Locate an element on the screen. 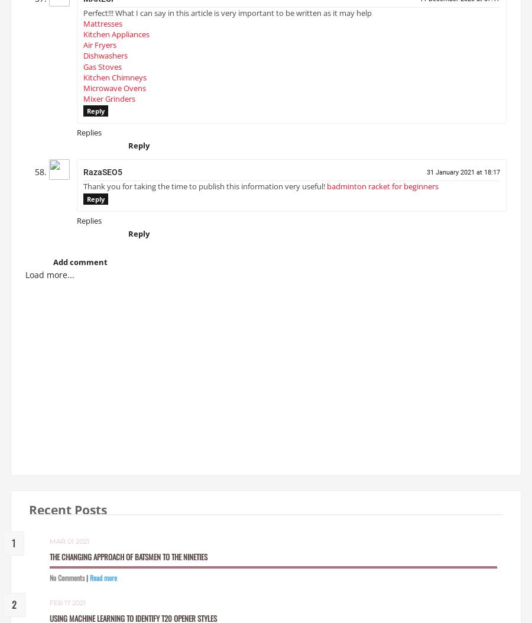 This screenshot has width=532, height=623. 'Gas Stoves' is located at coordinates (102, 71).